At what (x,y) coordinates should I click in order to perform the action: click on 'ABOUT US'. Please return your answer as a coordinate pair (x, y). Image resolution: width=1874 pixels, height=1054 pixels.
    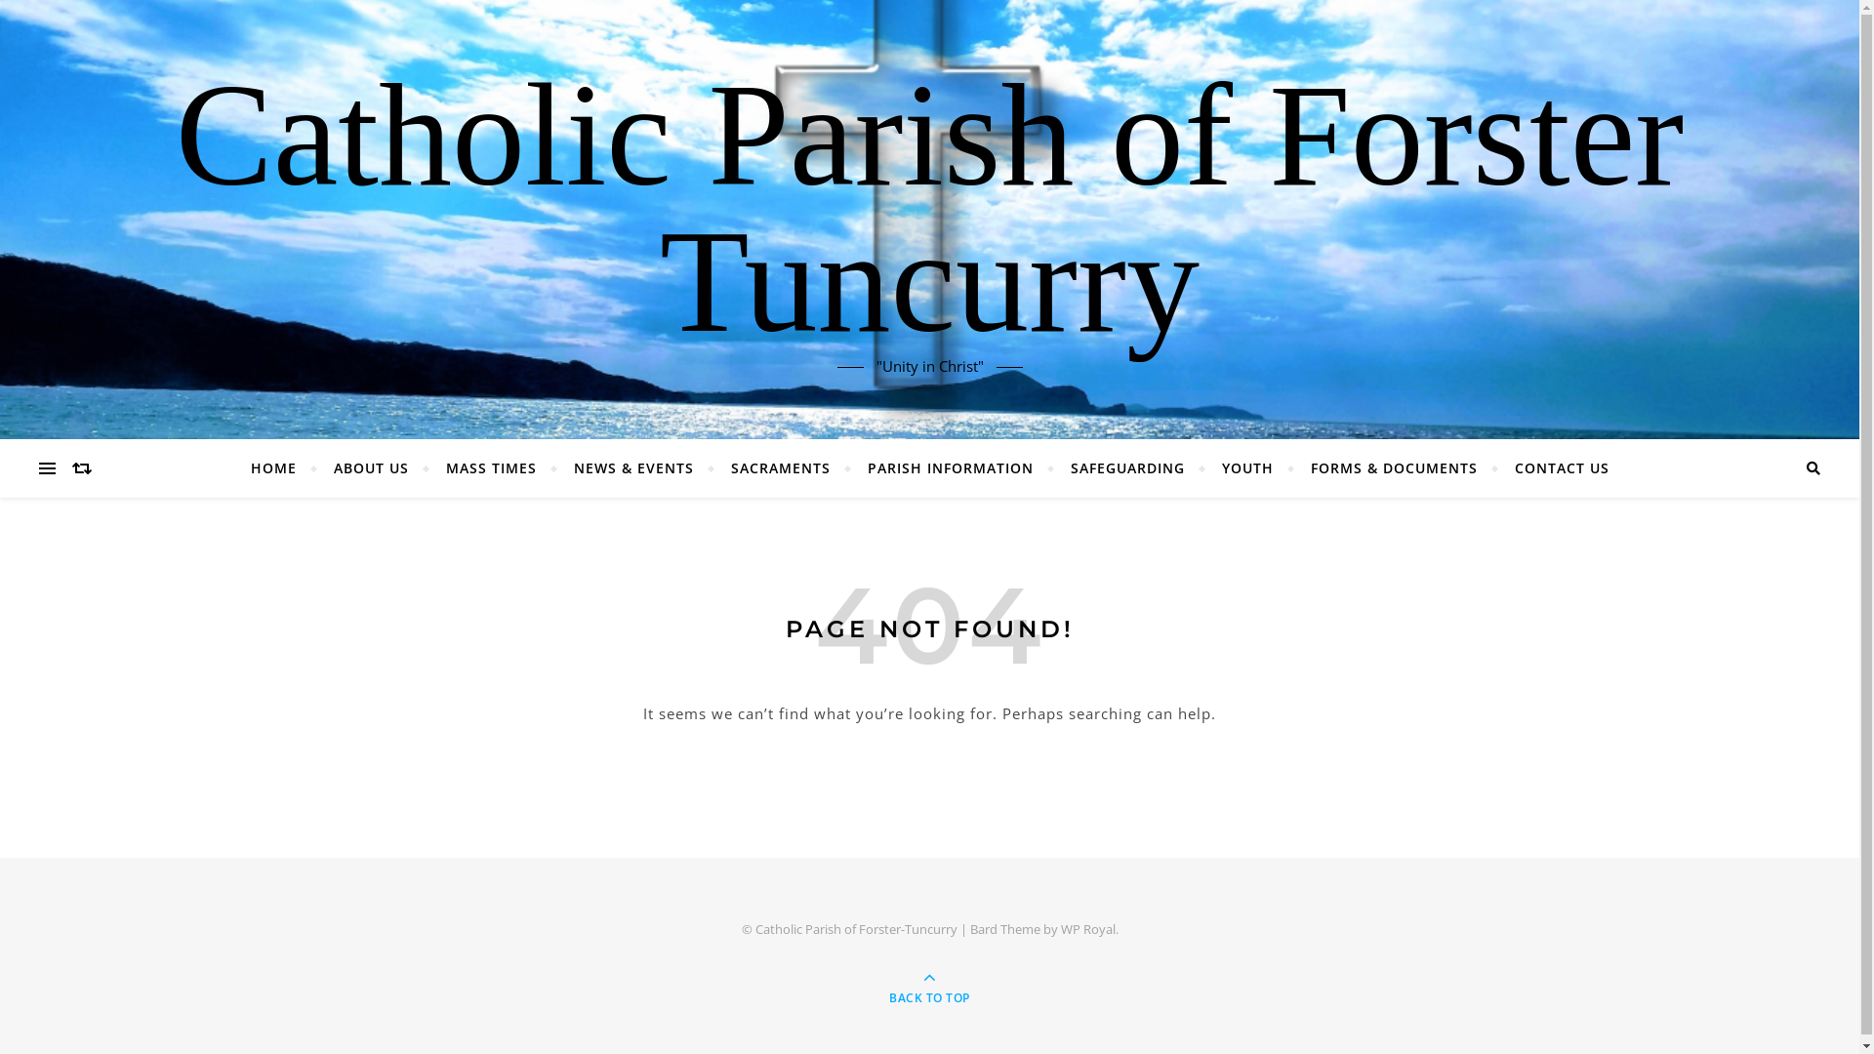
    Looking at the image, I should click on (316, 467).